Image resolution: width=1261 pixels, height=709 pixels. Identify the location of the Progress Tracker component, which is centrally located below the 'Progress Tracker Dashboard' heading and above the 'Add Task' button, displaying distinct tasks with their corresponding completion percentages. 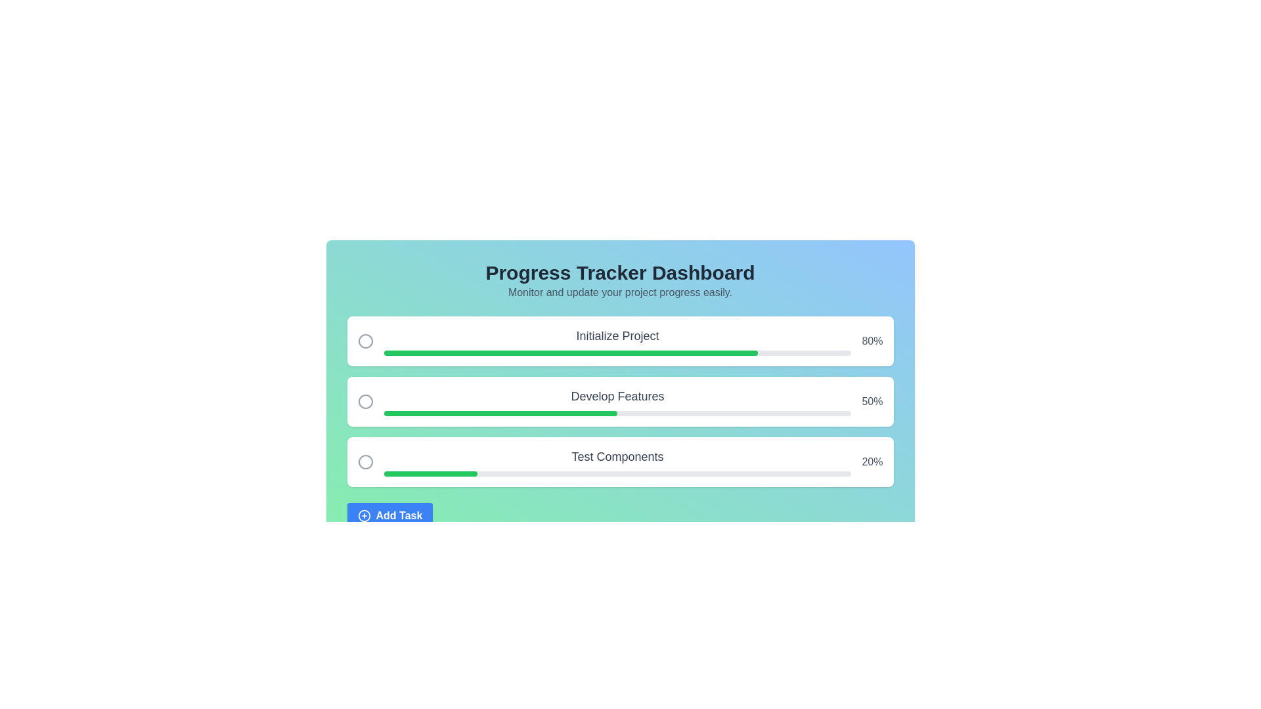
(619, 401).